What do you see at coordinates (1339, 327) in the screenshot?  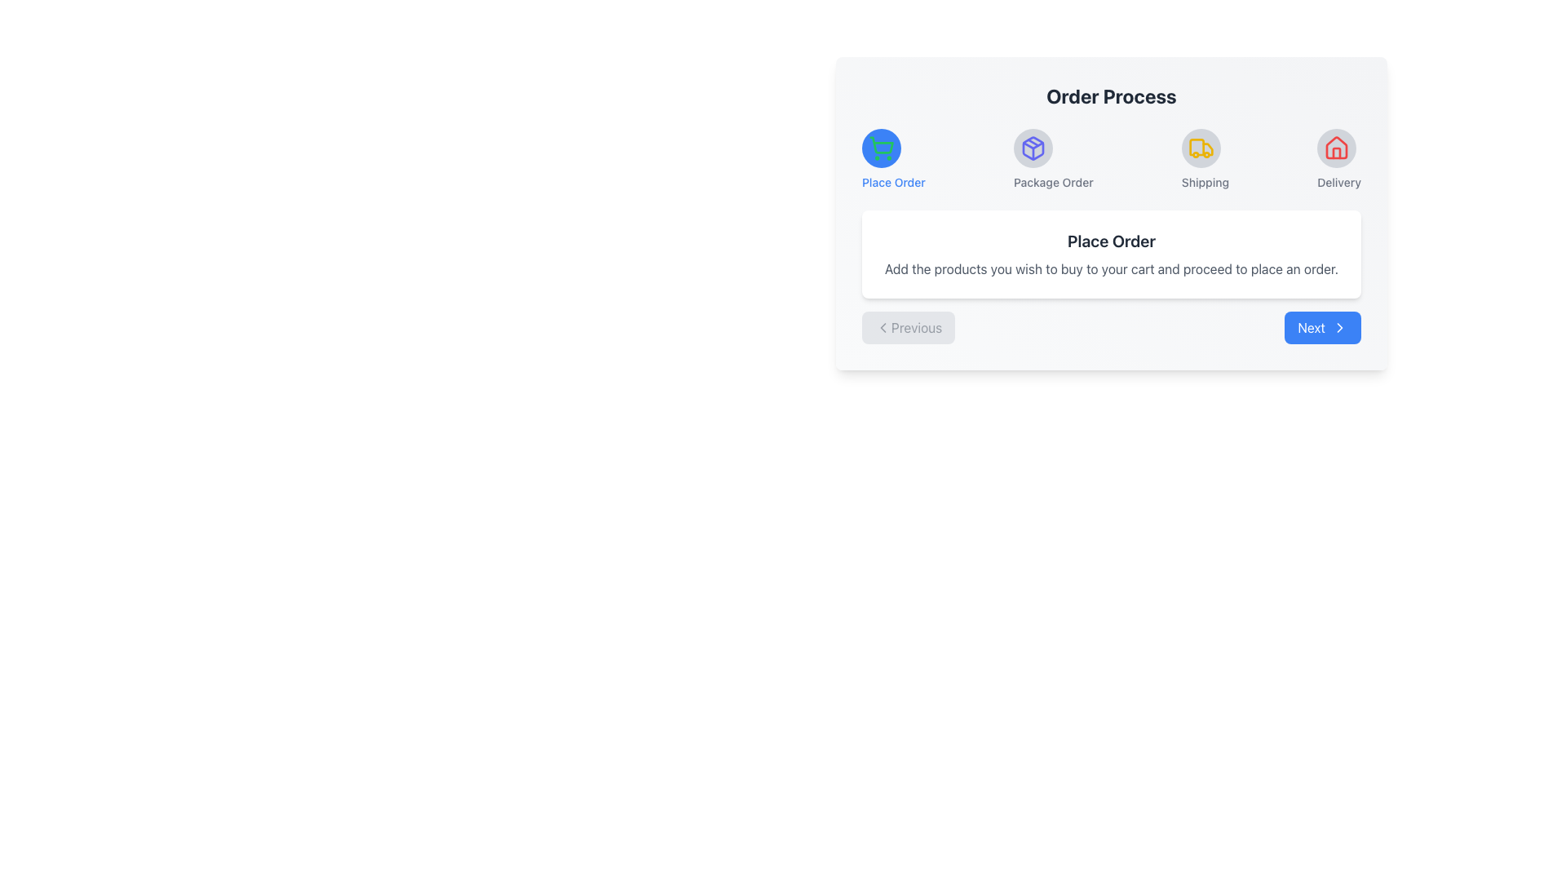 I see `the small triangular right-pointing icon within the 'Next' button` at bounding box center [1339, 327].